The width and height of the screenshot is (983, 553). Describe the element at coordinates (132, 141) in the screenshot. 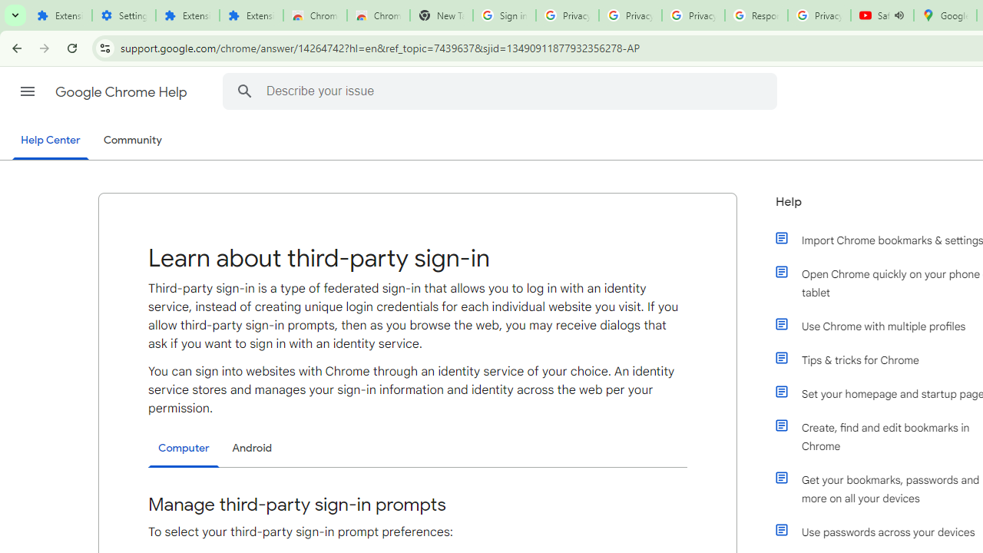

I see `'Community'` at that location.